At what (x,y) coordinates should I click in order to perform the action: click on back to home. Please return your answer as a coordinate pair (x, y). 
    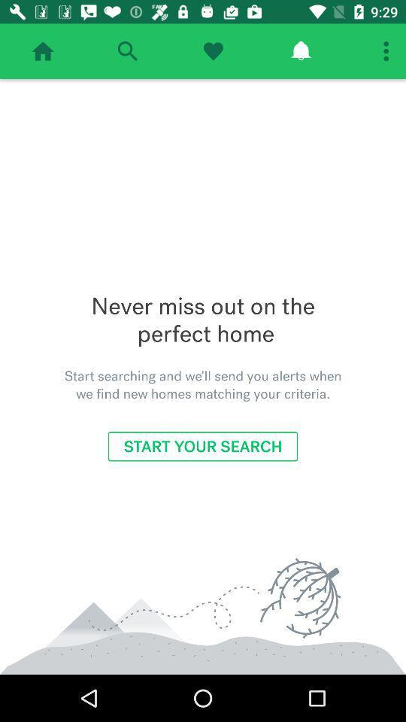
    Looking at the image, I should click on (43, 51).